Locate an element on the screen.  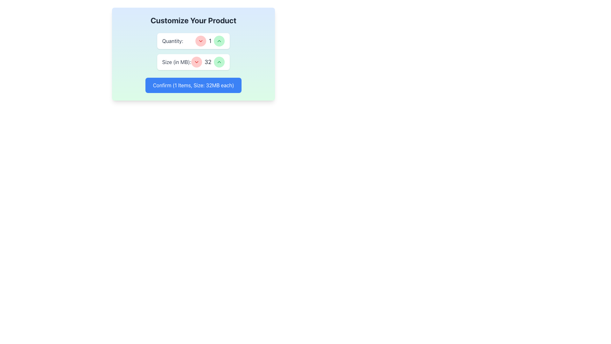
the left button to decrease the value associated with the size specification located near the section labeled 'Size (in MB):' is located at coordinates (196, 62).